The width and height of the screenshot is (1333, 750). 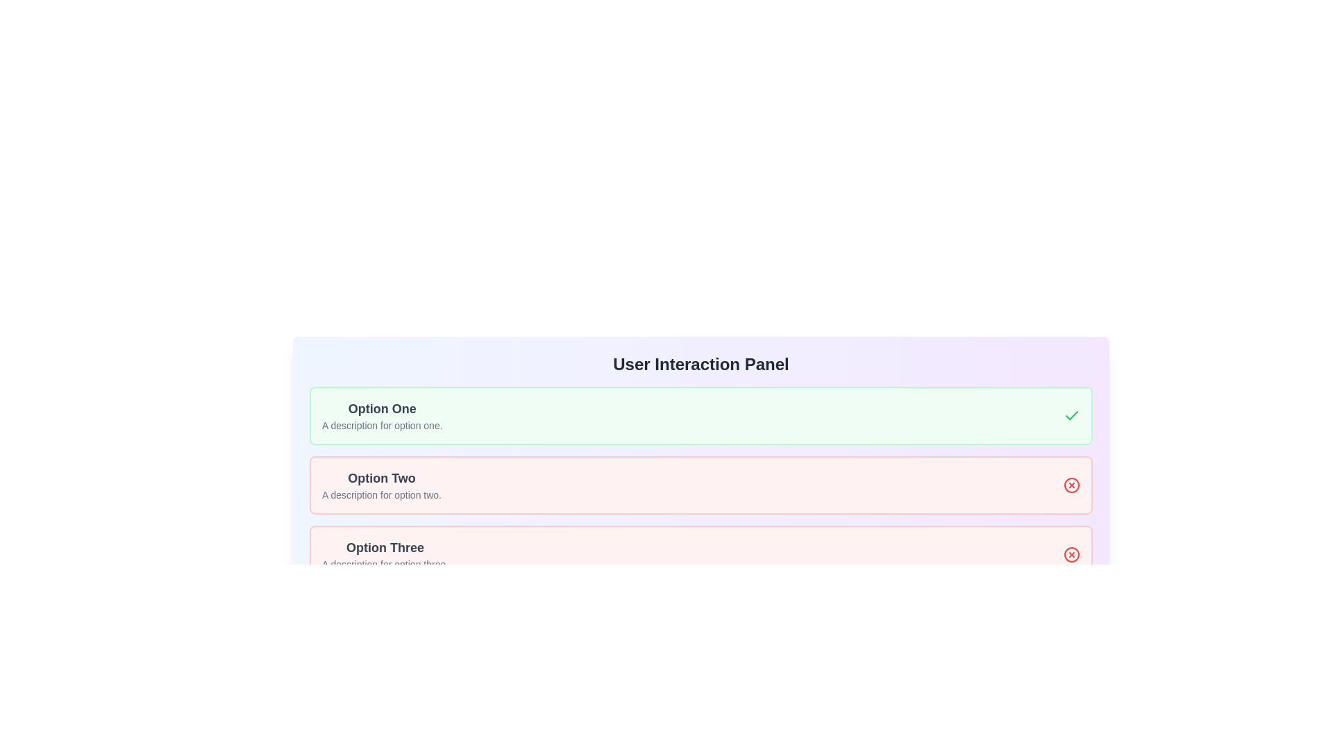 What do you see at coordinates (385, 565) in the screenshot?
I see `the Text Label that provides additional details for 'Option Three', located below its title in the vertical list interface` at bounding box center [385, 565].